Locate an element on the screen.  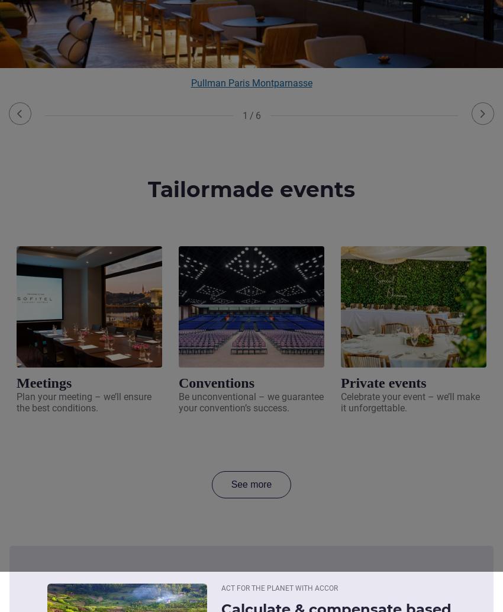
'Pullman Paris Montparnasse' is located at coordinates (251, 83).